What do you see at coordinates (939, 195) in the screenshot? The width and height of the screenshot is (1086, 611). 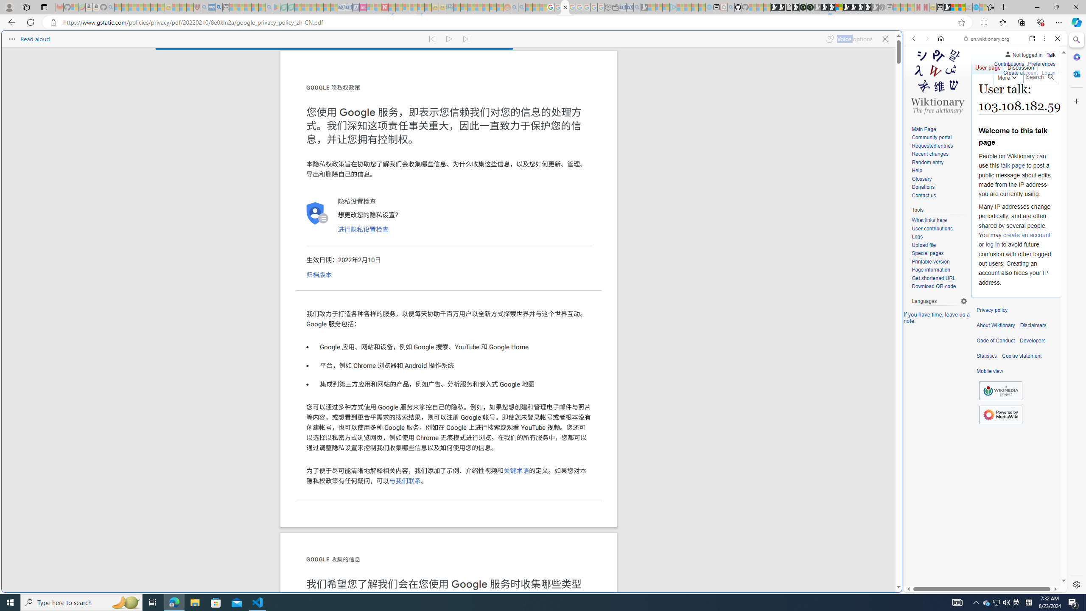 I see `'Contact us'` at bounding box center [939, 195].